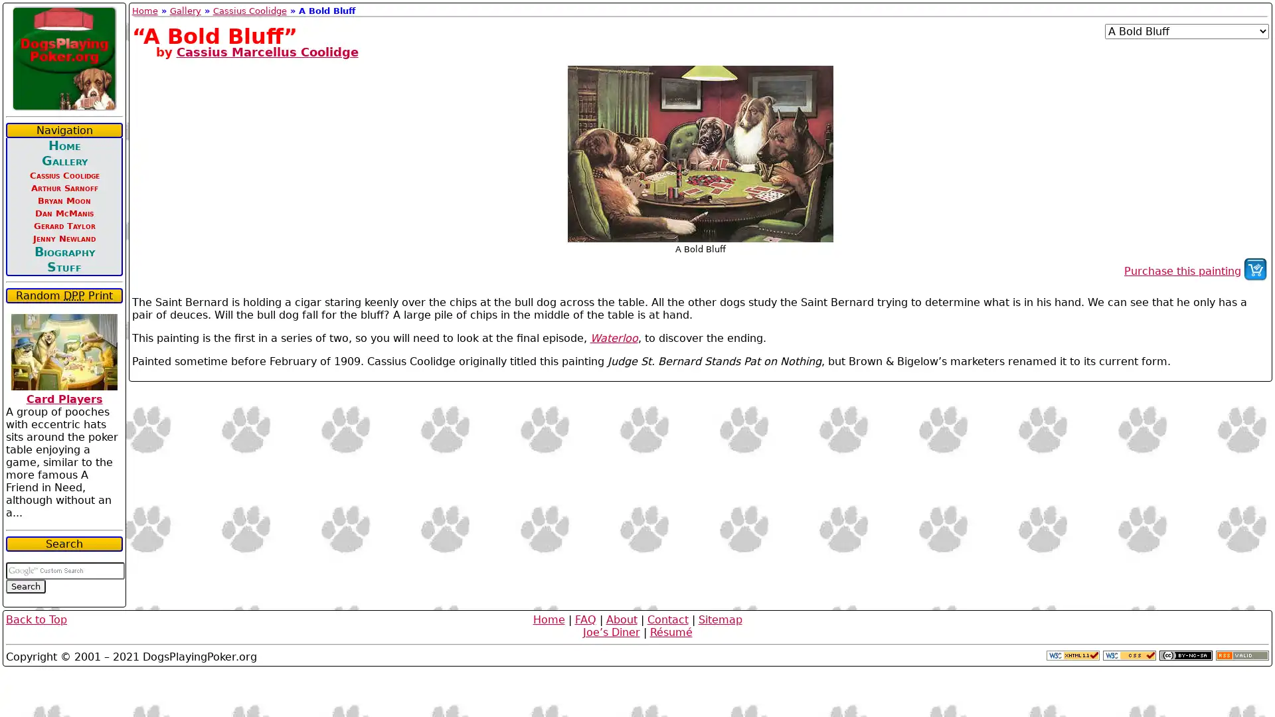 The height and width of the screenshot is (717, 1275). I want to click on Search, so click(25, 586).